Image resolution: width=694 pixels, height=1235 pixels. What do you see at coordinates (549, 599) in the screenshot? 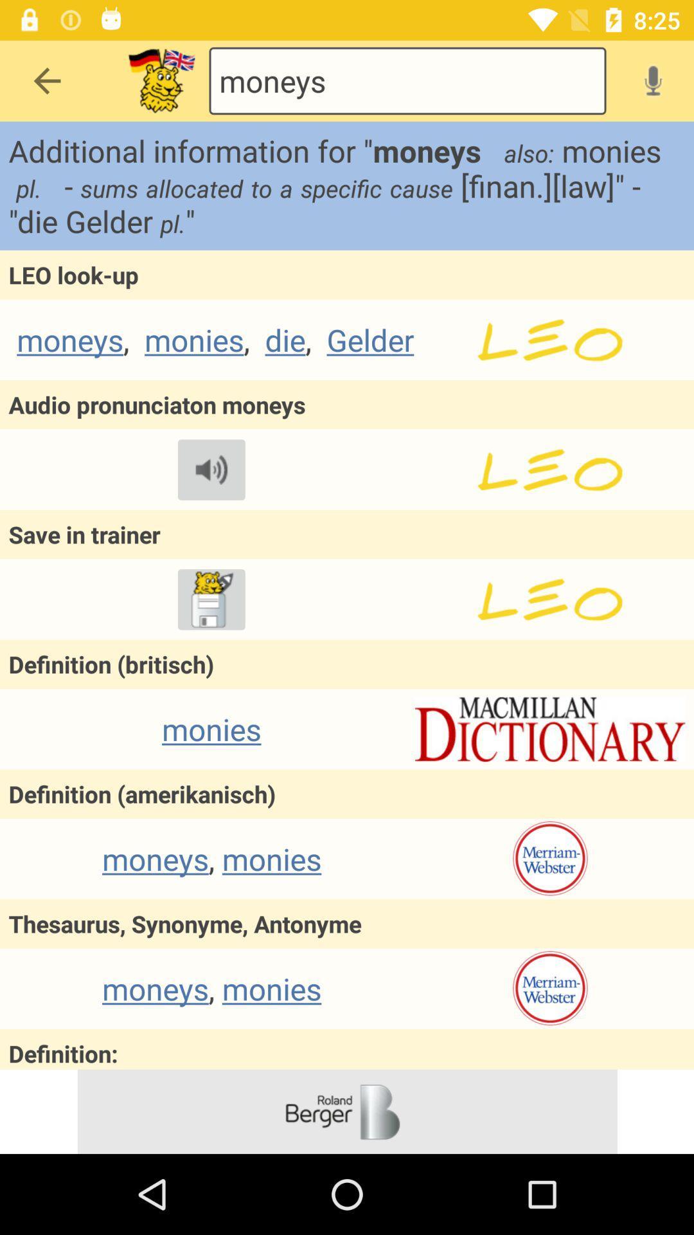
I see `in trainer` at bounding box center [549, 599].